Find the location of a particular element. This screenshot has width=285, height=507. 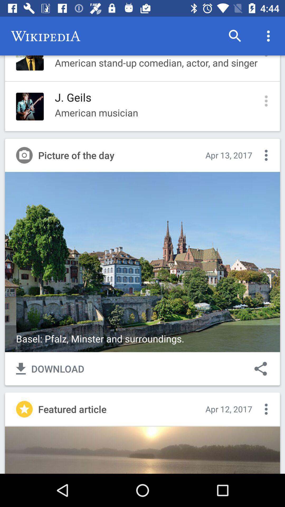

image which is below american musician is located at coordinates (142, 262).